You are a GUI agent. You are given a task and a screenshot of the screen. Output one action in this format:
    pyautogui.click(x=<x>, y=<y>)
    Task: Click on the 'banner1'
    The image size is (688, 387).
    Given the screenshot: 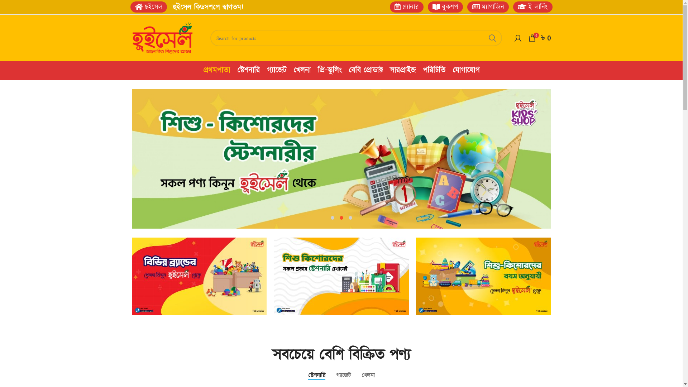 What is the action you would take?
    pyautogui.click(x=199, y=276)
    